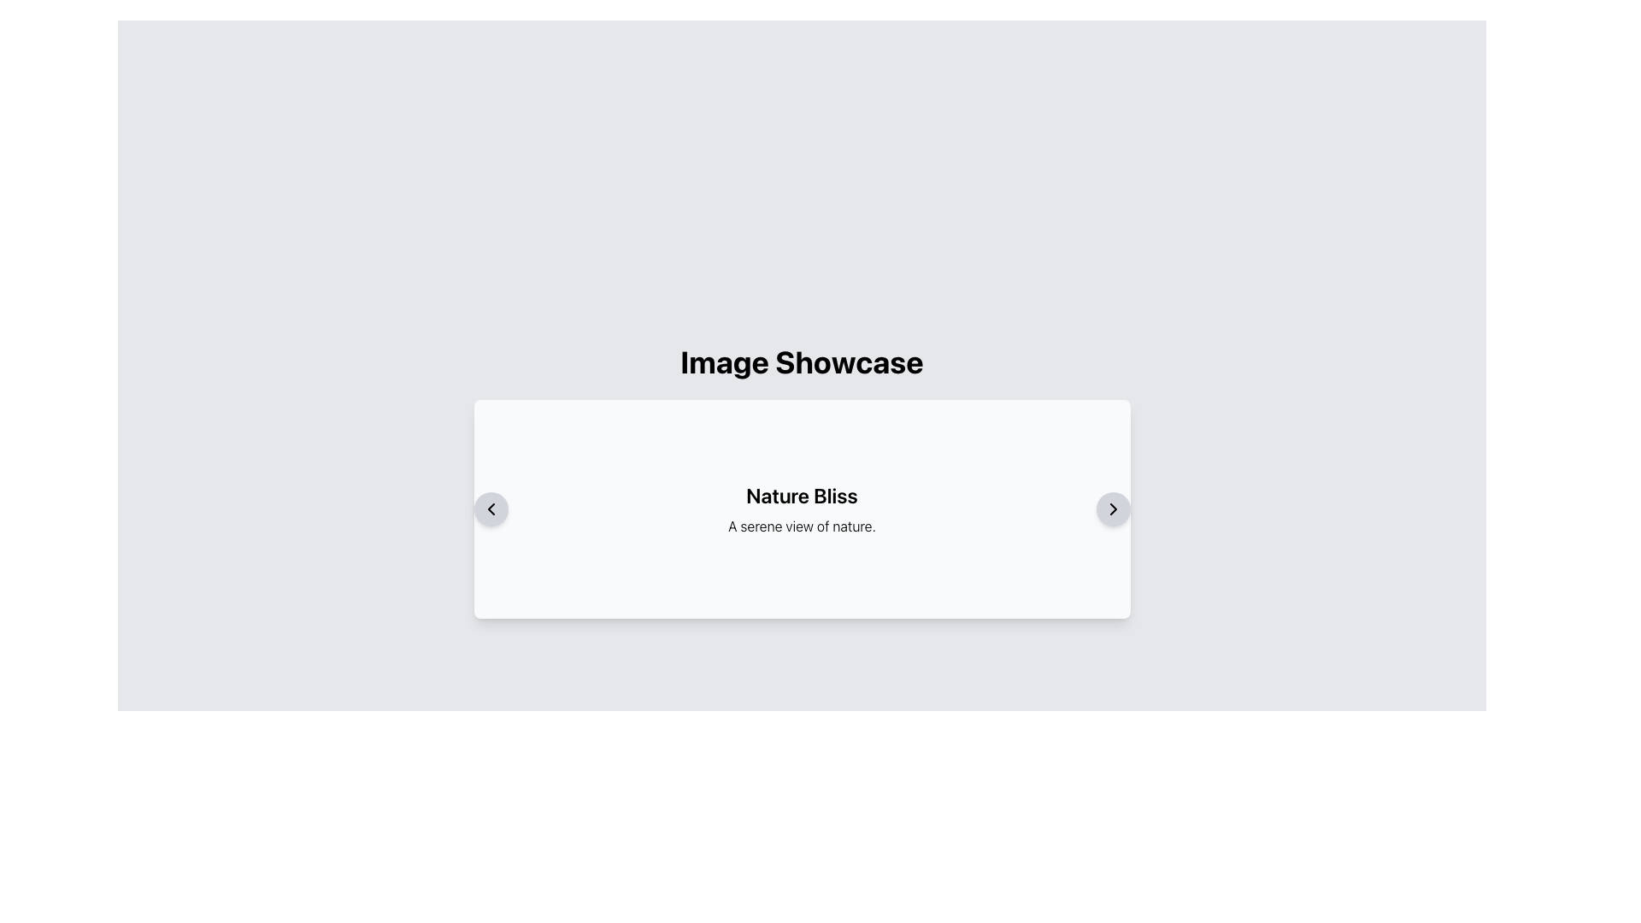 The image size is (1641, 923). I want to click on the Chevron Right Icon, which is a minimalistic right-pointing arrow, so click(1113, 509).